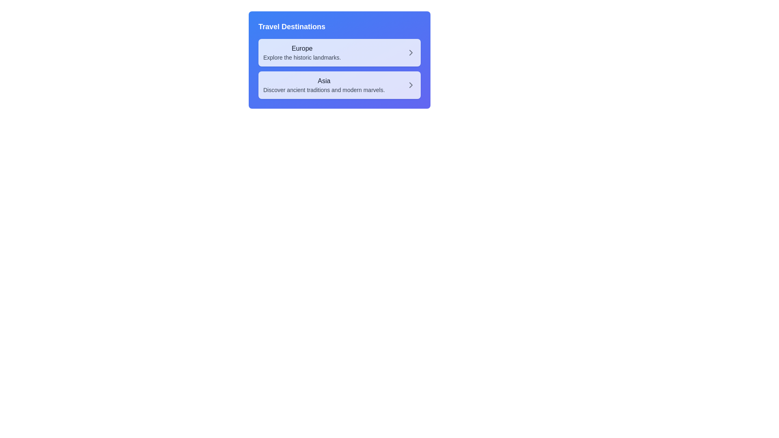  I want to click on the list item representing the 'Asia' travel destination, so click(339, 85).